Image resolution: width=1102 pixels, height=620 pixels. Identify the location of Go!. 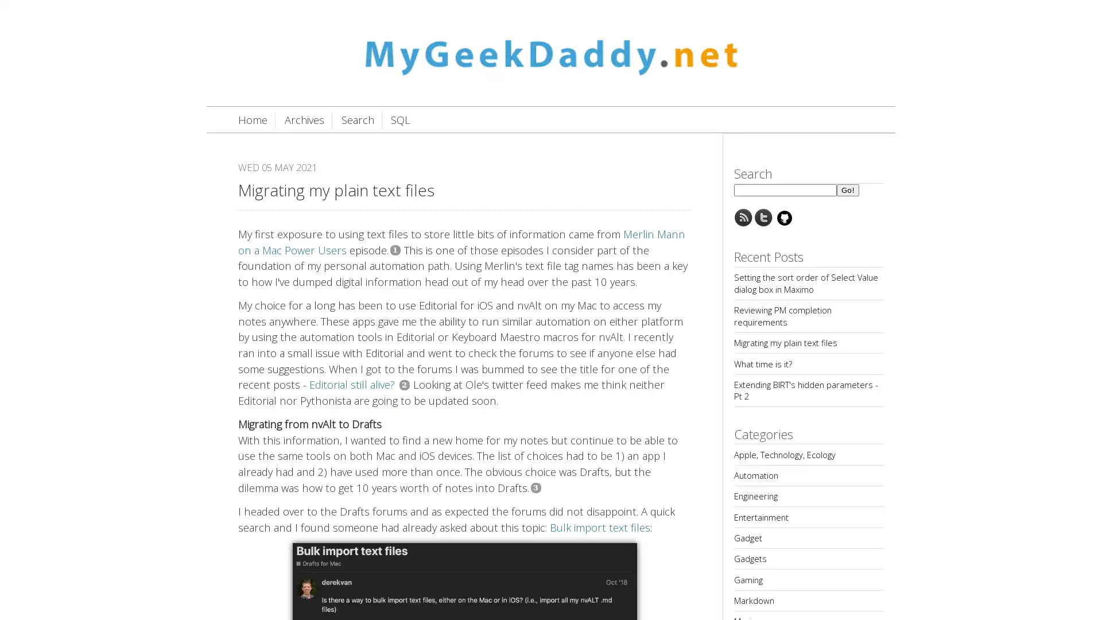
(848, 189).